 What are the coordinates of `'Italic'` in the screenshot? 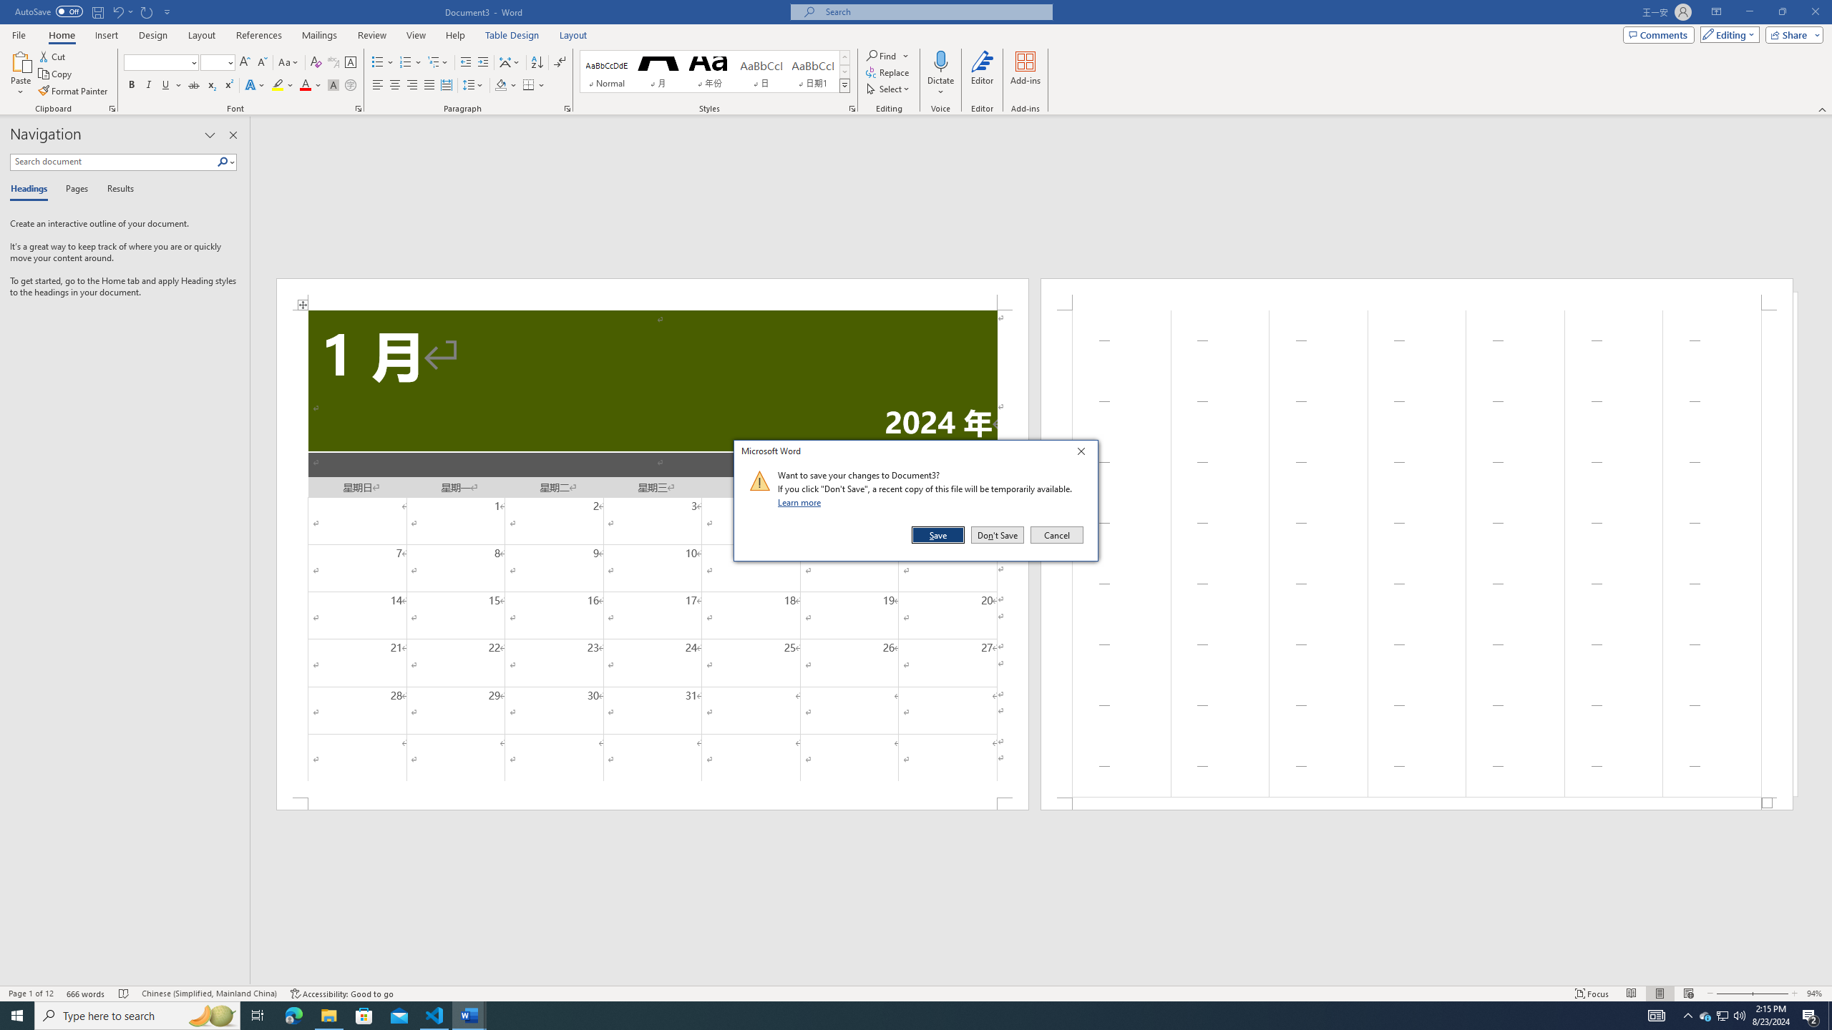 It's located at (148, 84).